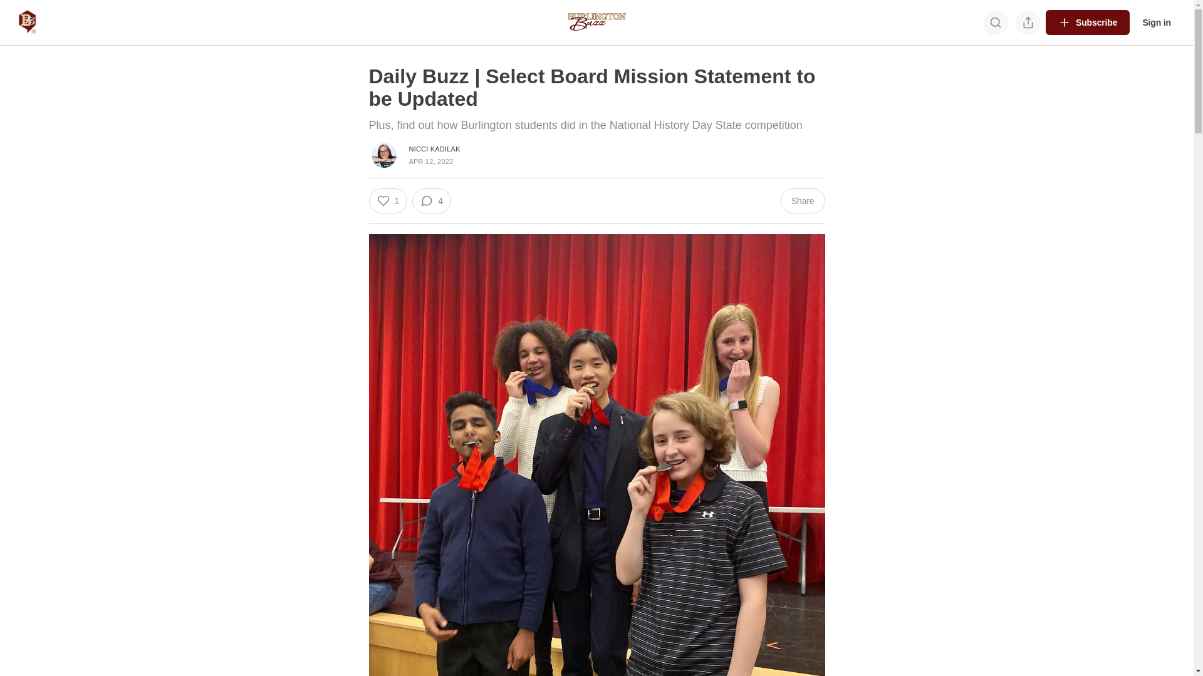  Describe the element at coordinates (387, 200) in the screenshot. I see `'1'` at that location.